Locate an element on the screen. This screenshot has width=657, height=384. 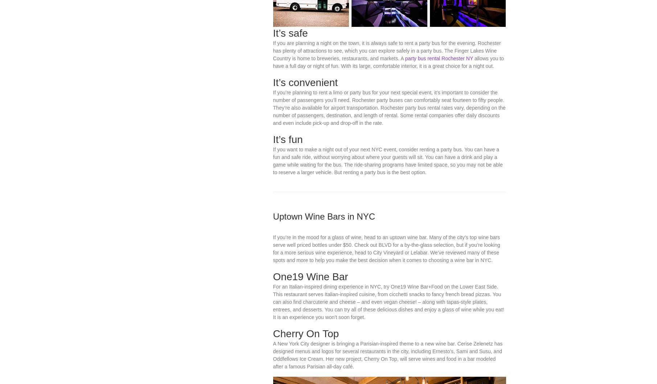
'Whether you’re hosting a bachelor party or a hen or stag do, it’s affordable to rent a Rochester party bus to transport your guests in style. Rochester party bus rates depend on the number of people you’re transporting and the vehicle type. Your rental period also determines your rates, so you should plan accordingly. Also, remember that if you’re hiring a party bus for a long-term event, you can get discounts on the day of your event.' is located at coordinates (388, 19).